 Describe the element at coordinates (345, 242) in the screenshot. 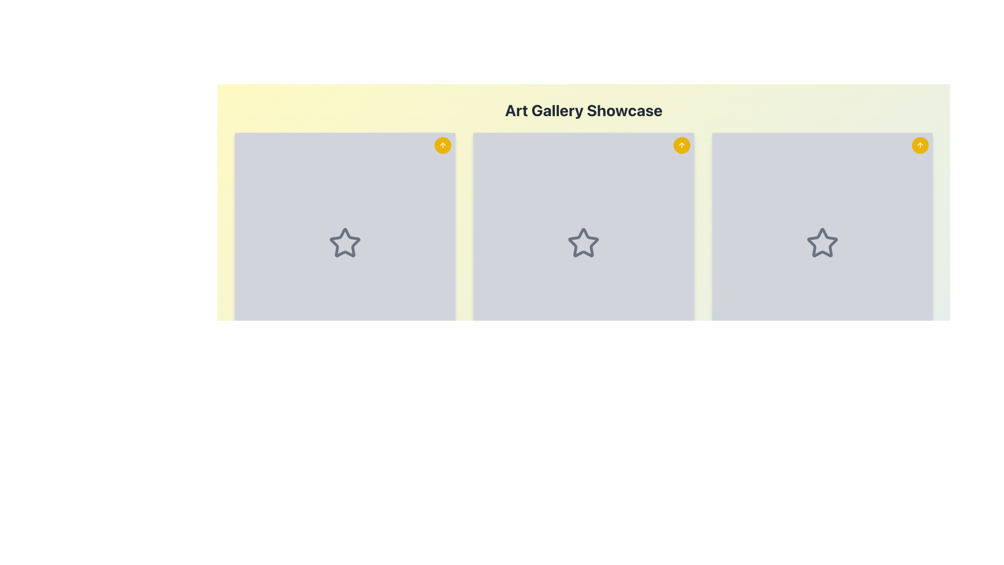

I see `the leftmost star-shaped icon with a gray outline in the Art Gallery Showcase` at that location.